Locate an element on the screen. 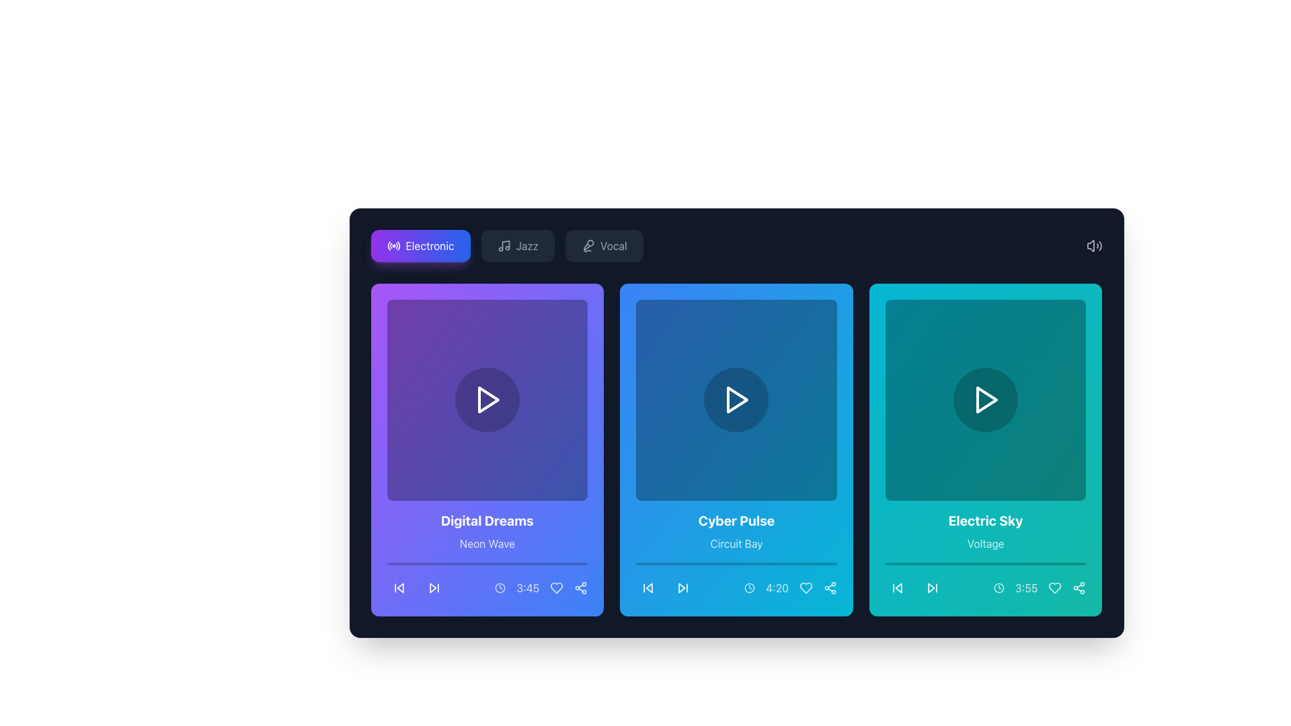 The height and width of the screenshot is (726, 1291). the graphical circle SVG component that represents the base of the clock design in the 'Cyber Pulse' music player card, located near the bottom-right corner next to the time display is located at coordinates (749, 587).